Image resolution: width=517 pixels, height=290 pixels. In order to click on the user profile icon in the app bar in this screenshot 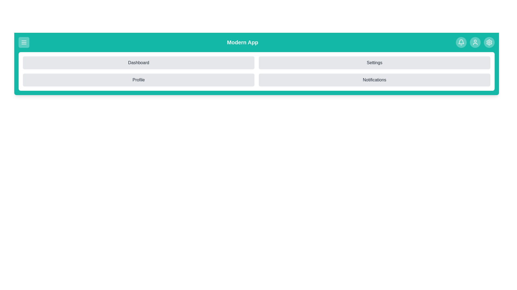, I will do `click(475, 42)`.